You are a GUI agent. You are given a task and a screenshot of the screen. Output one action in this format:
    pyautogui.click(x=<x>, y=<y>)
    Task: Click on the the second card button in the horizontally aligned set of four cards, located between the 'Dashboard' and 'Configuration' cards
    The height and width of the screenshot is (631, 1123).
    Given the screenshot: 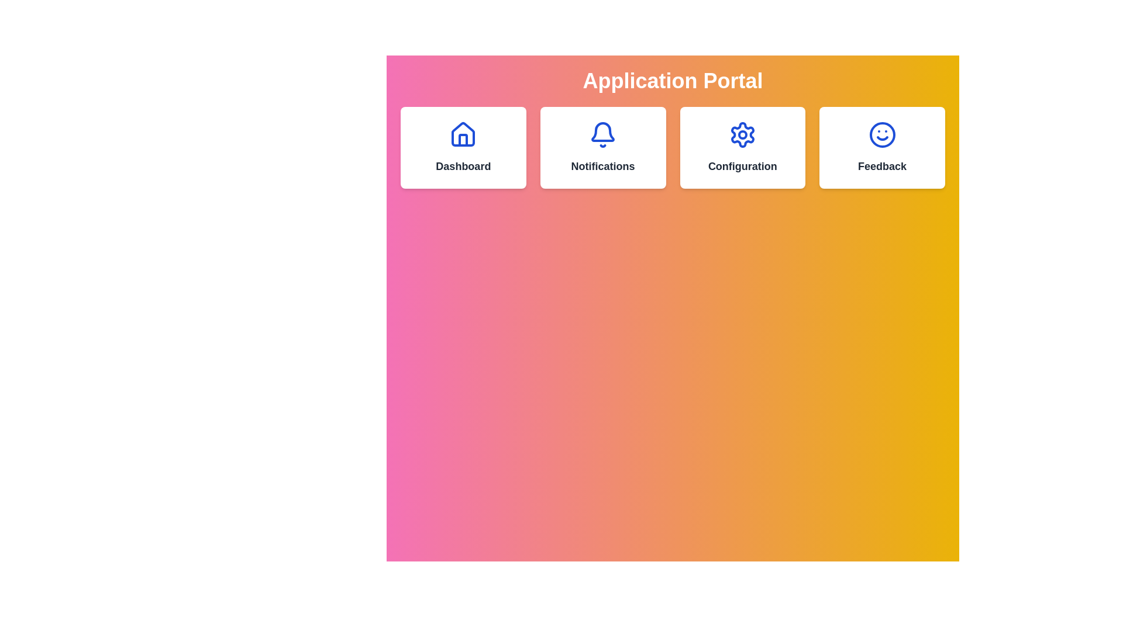 What is the action you would take?
    pyautogui.click(x=603, y=147)
    